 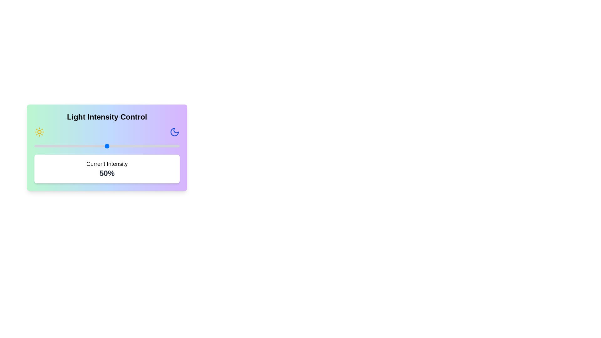 What do you see at coordinates (107, 131) in the screenshot?
I see `the static visual indicator representing the transition between day and night, located below the 'Light Intensity Control' title` at bounding box center [107, 131].